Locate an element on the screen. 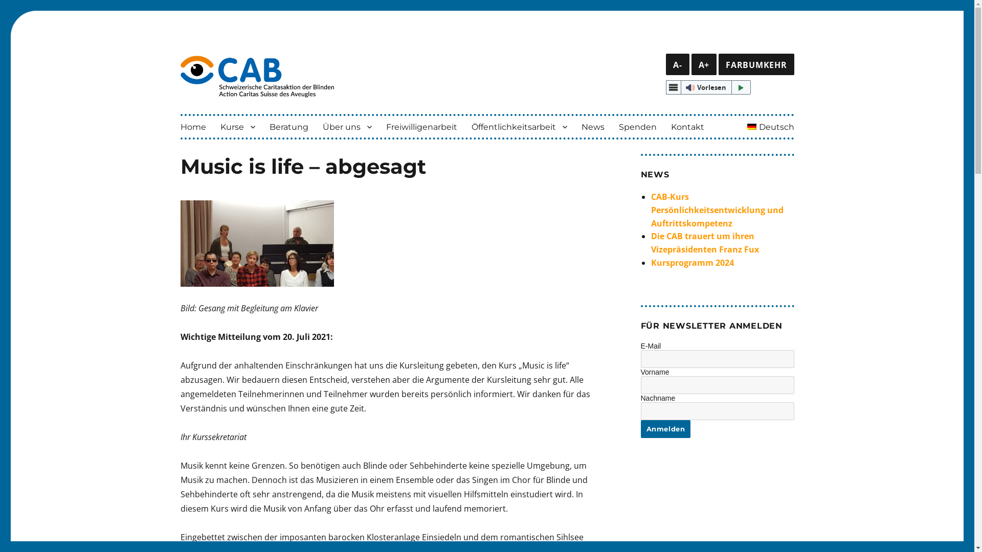 The height and width of the screenshot is (552, 982). 'A+' is located at coordinates (691, 64).